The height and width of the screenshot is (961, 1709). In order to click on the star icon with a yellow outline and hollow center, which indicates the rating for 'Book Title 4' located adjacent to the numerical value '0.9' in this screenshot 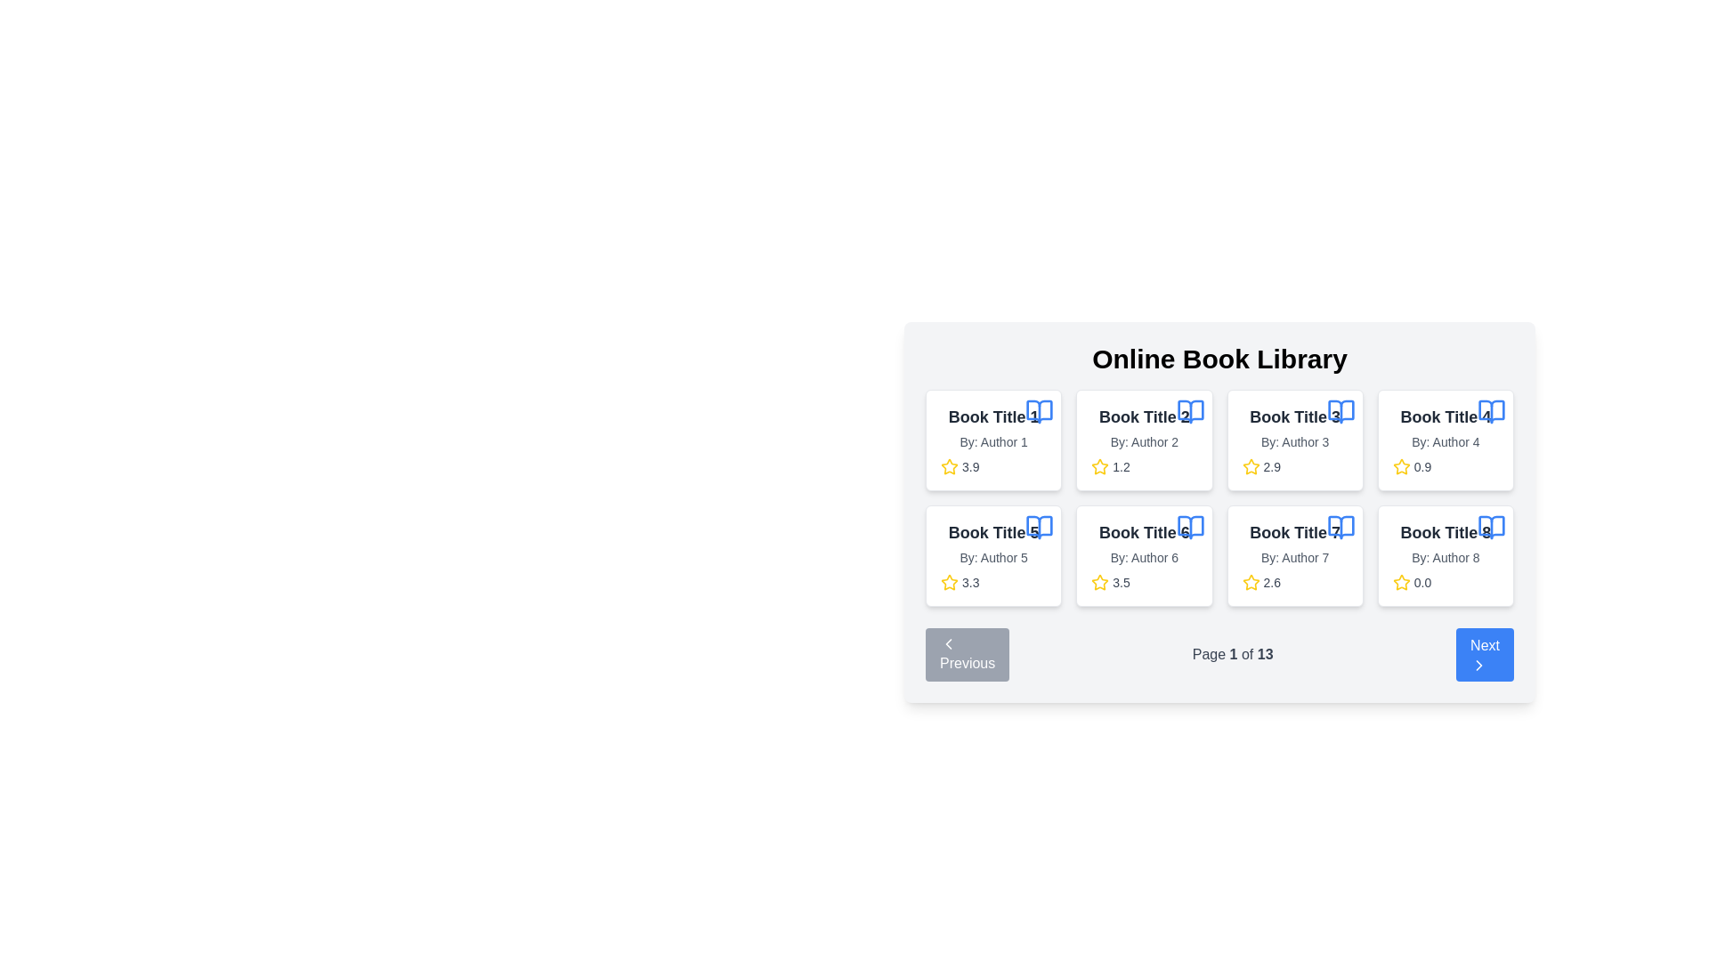, I will do `click(1400, 465)`.